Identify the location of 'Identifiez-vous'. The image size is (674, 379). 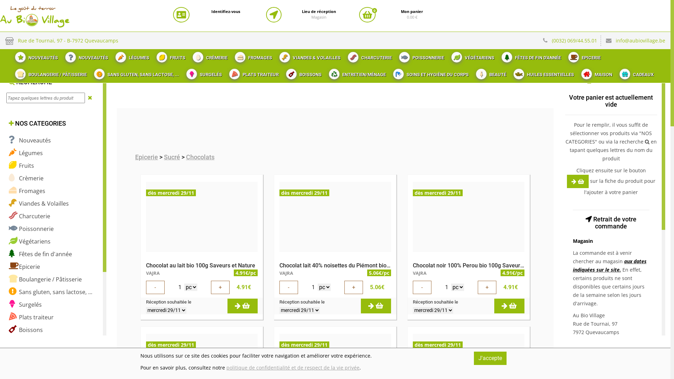
(211, 12).